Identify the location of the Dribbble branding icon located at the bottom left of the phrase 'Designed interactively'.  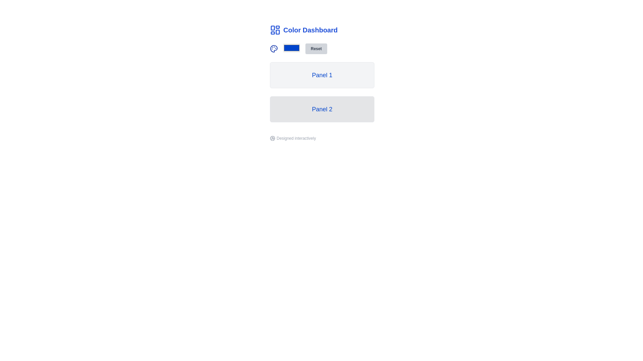
(273, 138).